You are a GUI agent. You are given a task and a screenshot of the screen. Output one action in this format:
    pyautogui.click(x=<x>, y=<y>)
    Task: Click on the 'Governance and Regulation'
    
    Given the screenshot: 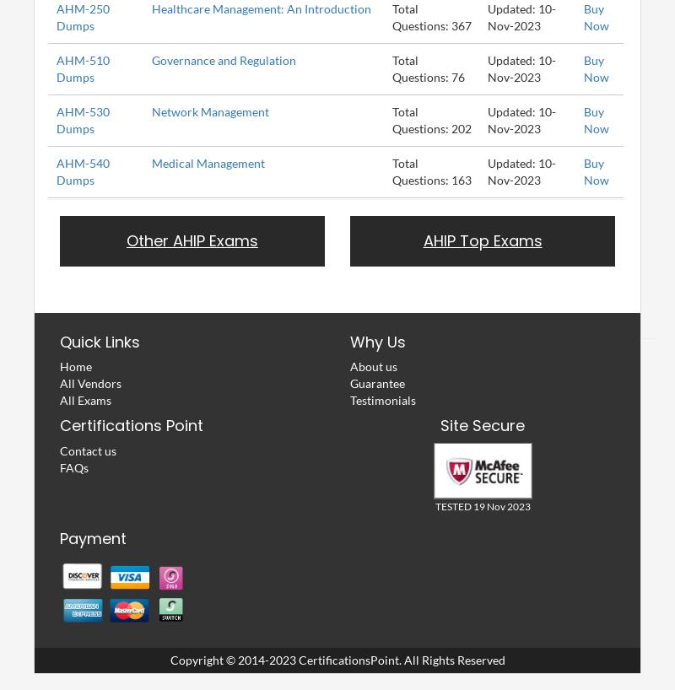 What is the action you would take?
    pyautogui.click(x=223, y=59)
    